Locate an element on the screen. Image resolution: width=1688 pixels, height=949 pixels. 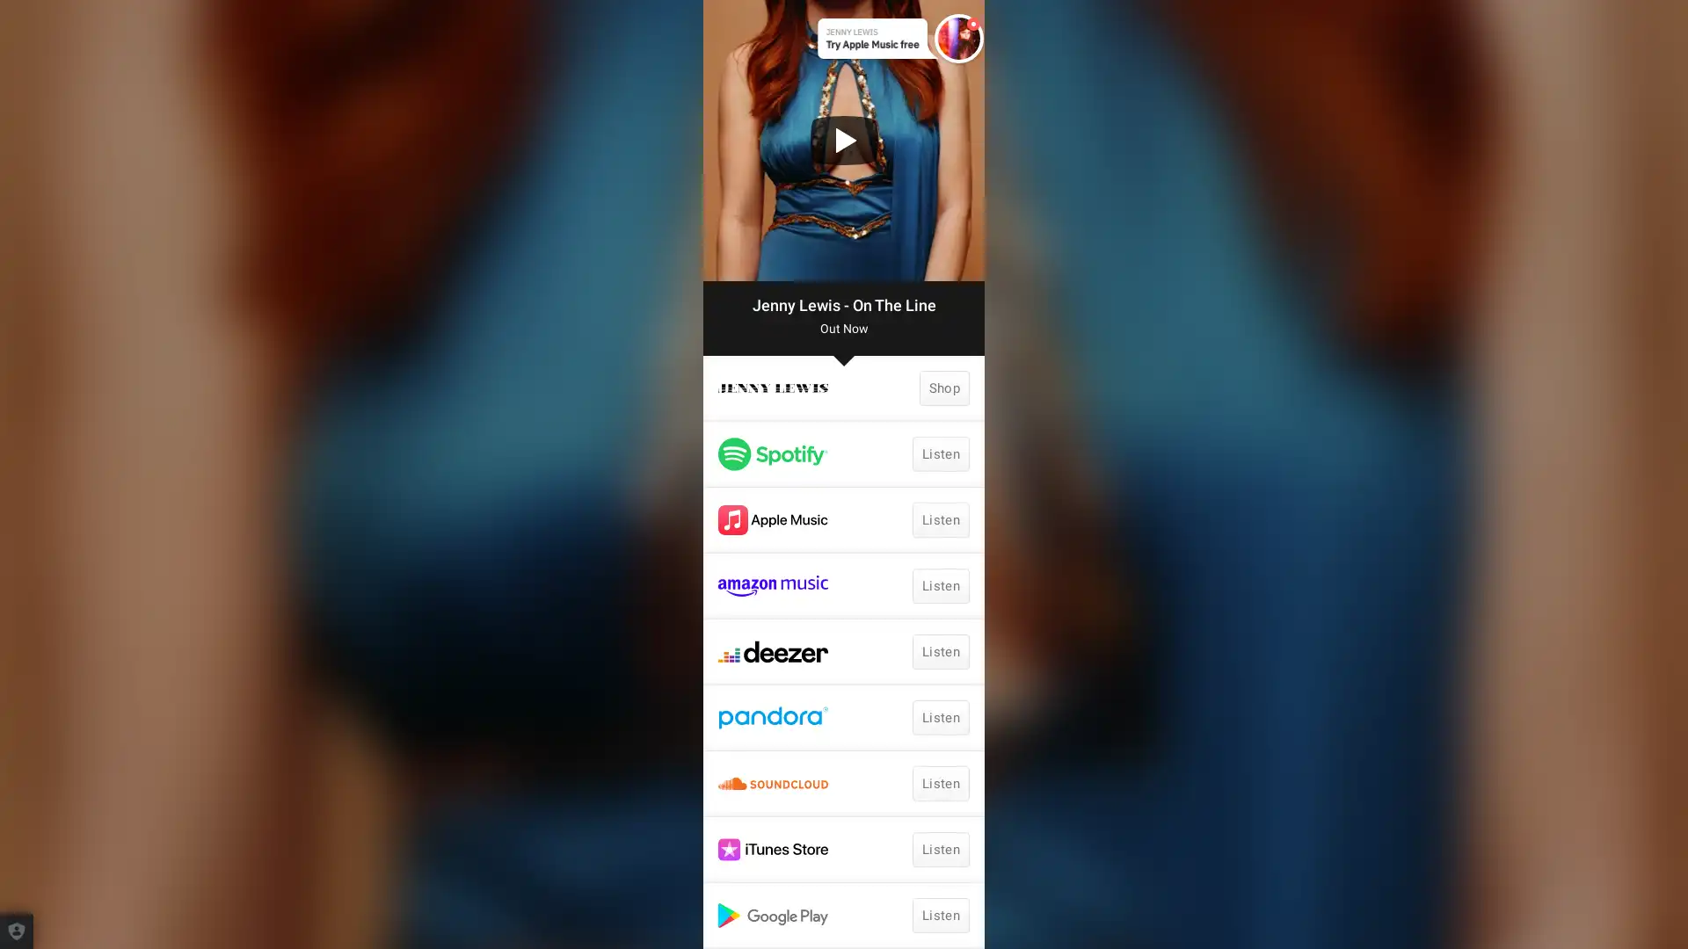
Listen is located at coordinates (940, 849).